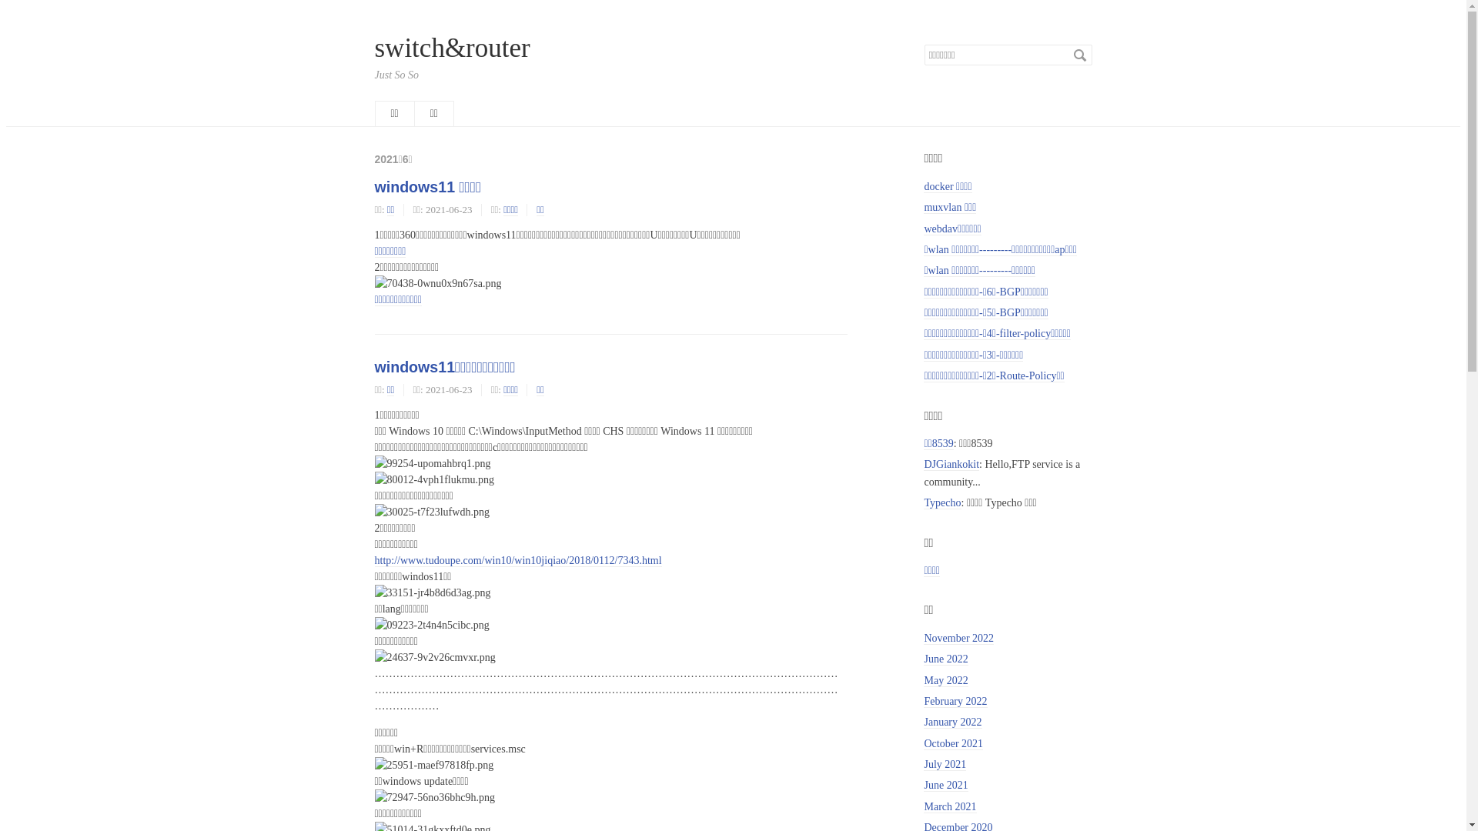 This screenshot has height=831, width=1478. Describe the element at coordinates (924, 701) in the screenshot. I see `'February 2022'` at that location.